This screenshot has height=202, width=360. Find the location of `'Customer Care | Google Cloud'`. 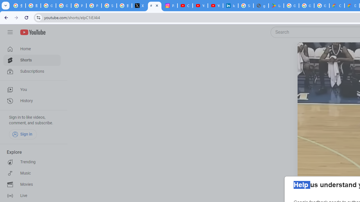

'Customer Care | Google Cloud' is located at coordinates (337, 6).